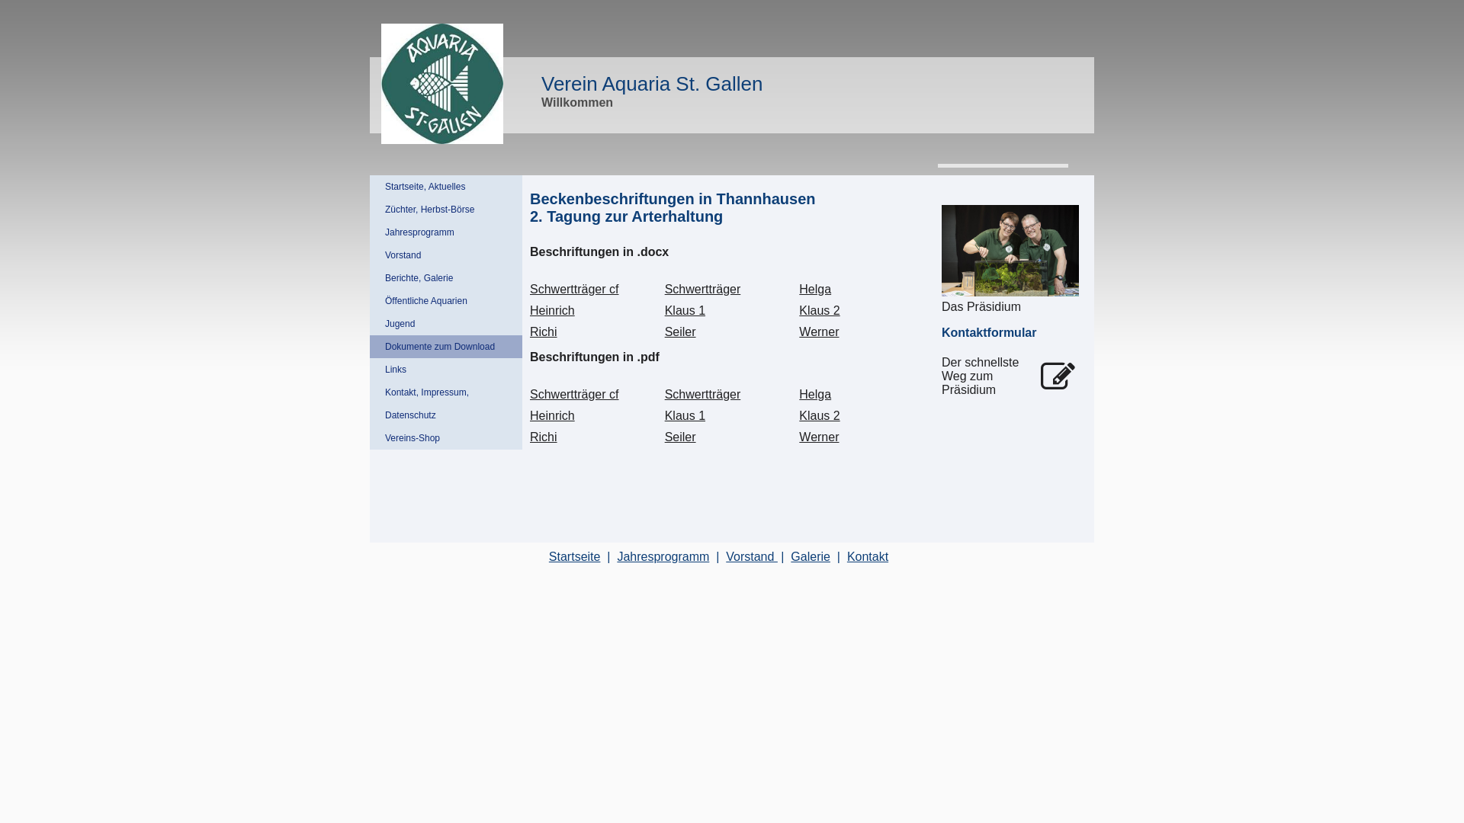  Describe the element at coordinates (445, 402) in the screenshot. I see `'Kontakt, Impressum, Datenschutz'` at that location.